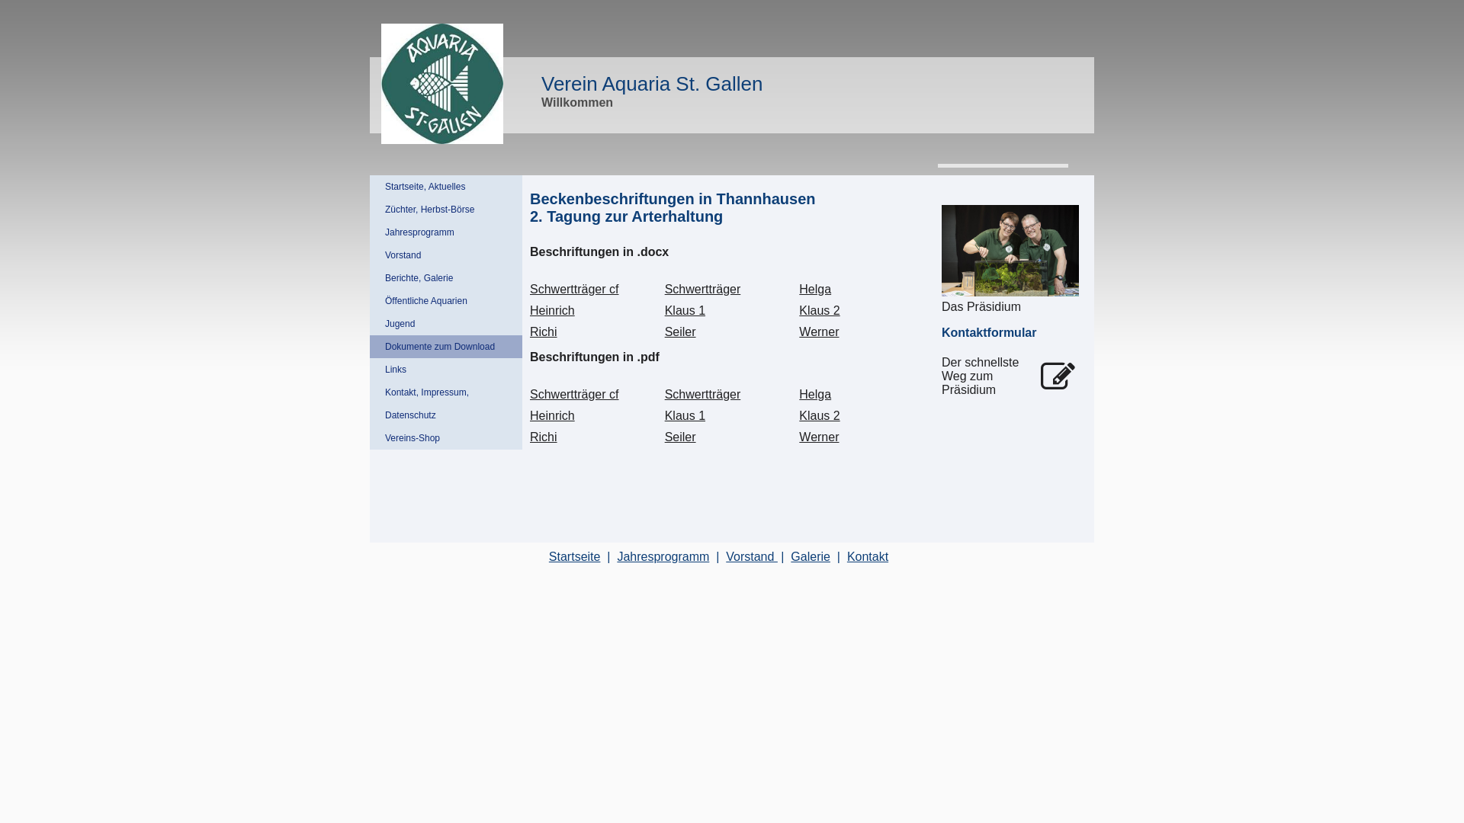  Describe the element at coordinates (445, 402) in the screenshot. I see `'Kontakt, Impressum, Datenschutz'` at that location.